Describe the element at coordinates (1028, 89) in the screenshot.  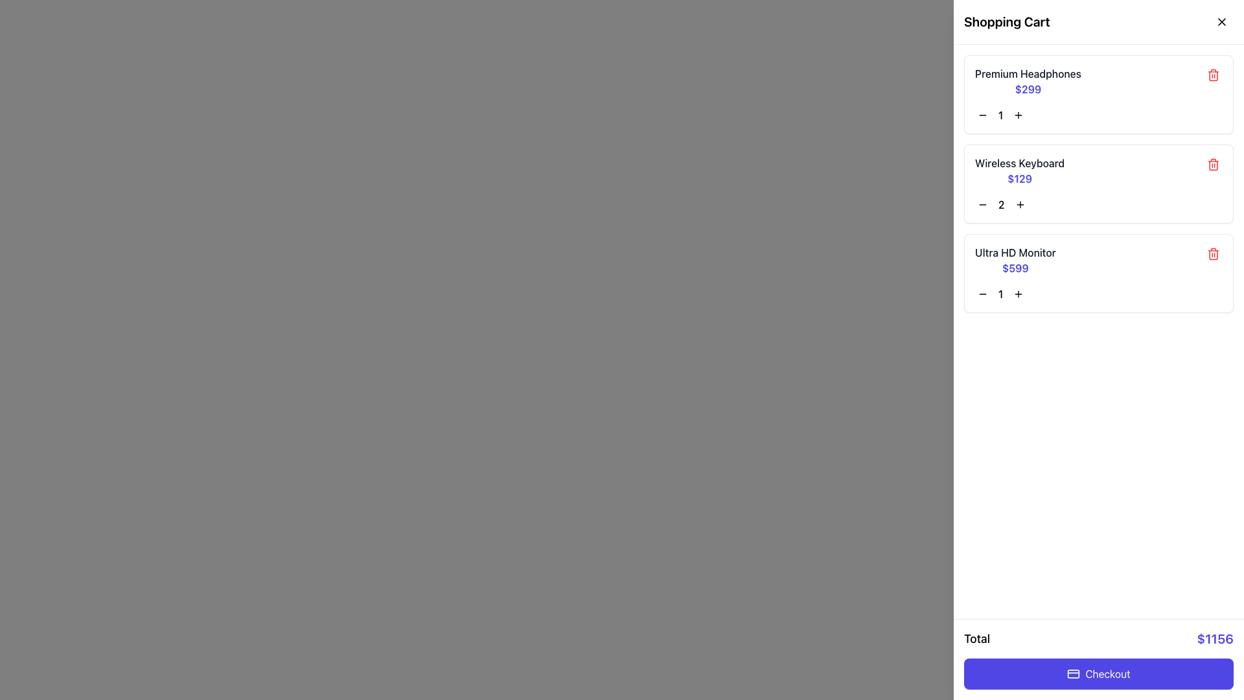
I see `the price display for the 'Premium Headphones' in the shopping cart interface, located below the product title` at that location.